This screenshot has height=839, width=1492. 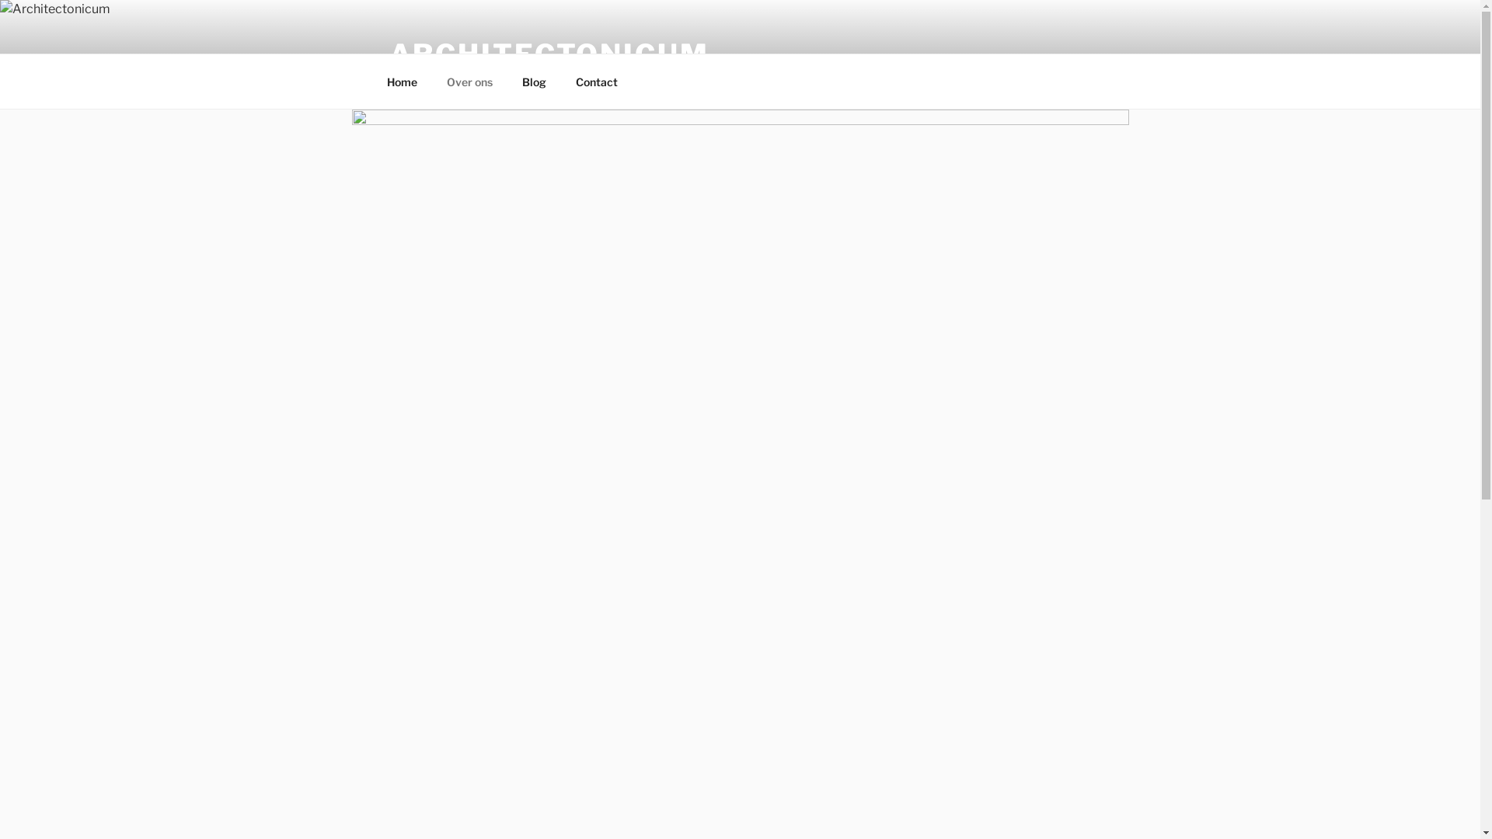 What do you see at coordinates (469, 81) in the screenshot?
I see `'Over ons'` at bounding box center [469, 81].